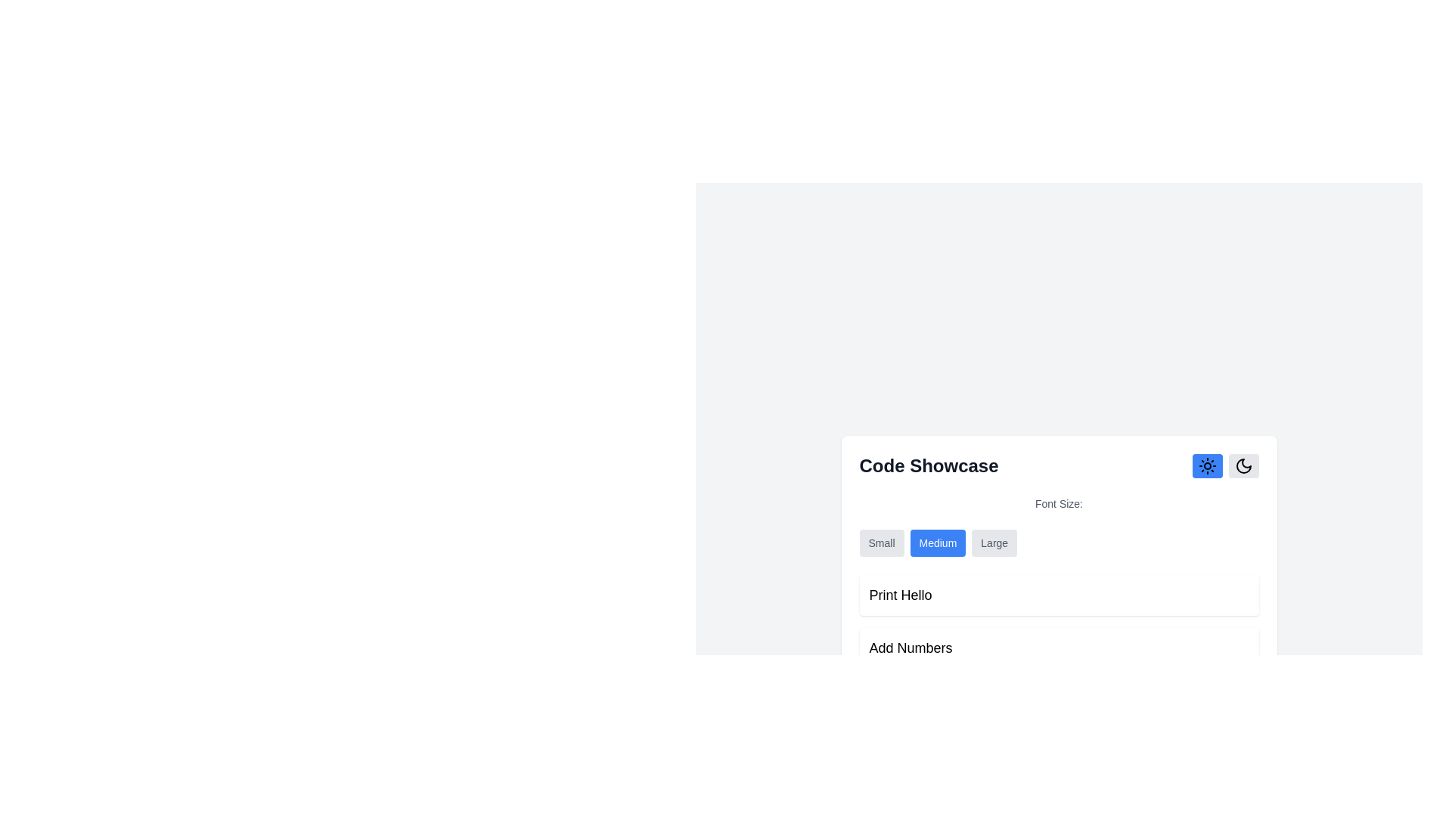 The image size is (1452, 816). I want to click on the 'Medium' button, which is the second button in a group of three, styled with a blue background and white text, so click(937, 542).